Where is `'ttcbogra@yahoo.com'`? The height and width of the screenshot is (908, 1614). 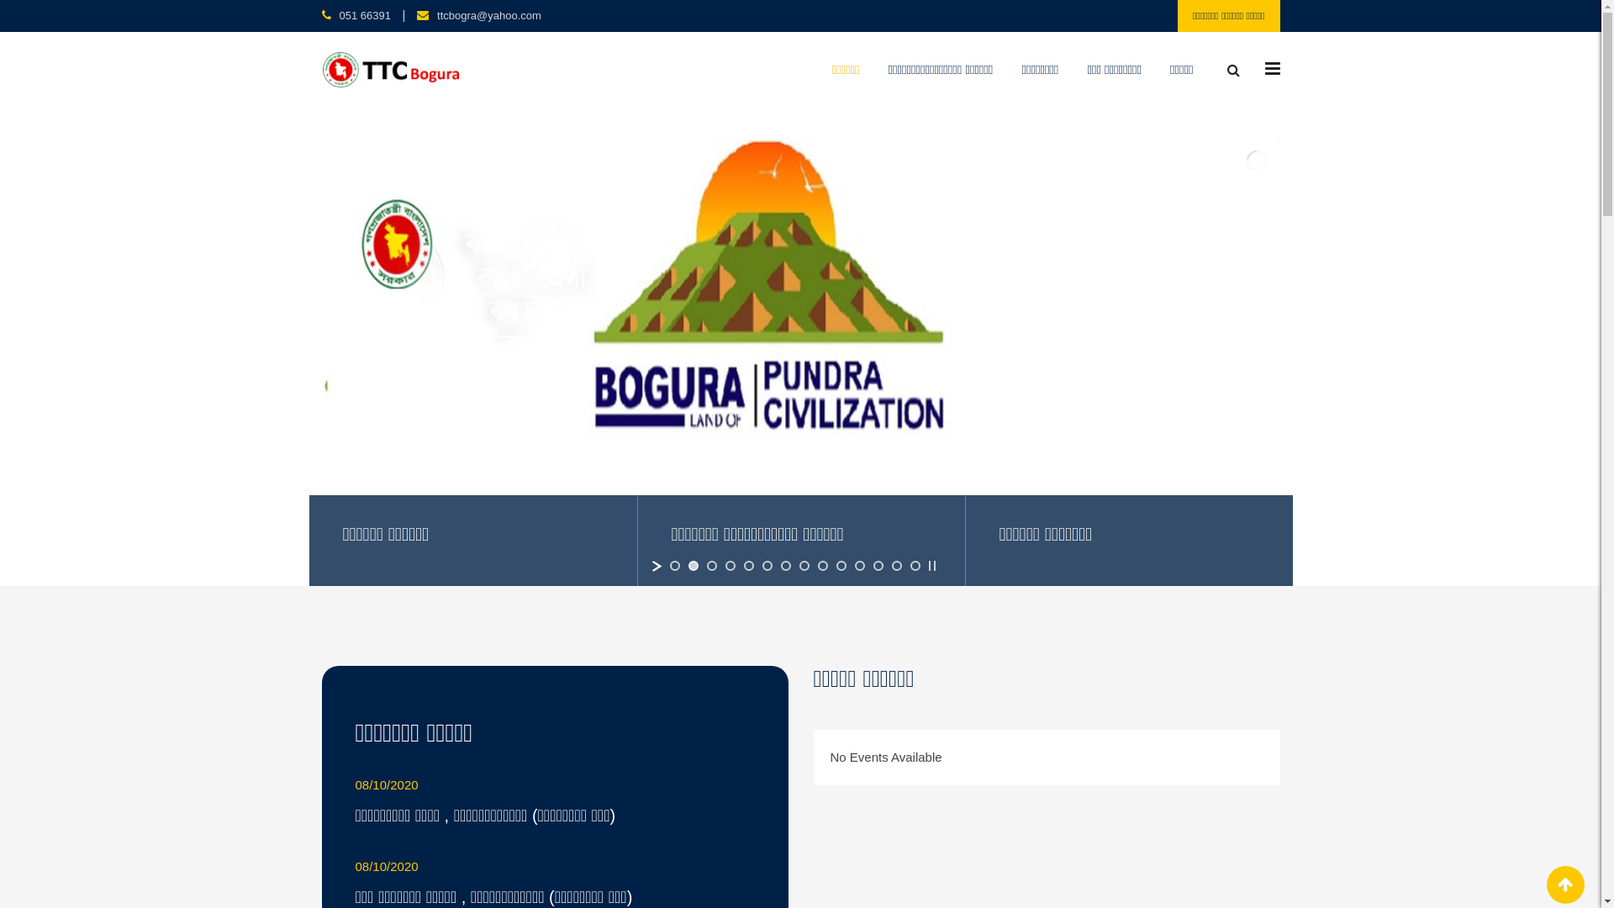
'ttcbogra@yahoo.com' is located at coordinates (488, 15).